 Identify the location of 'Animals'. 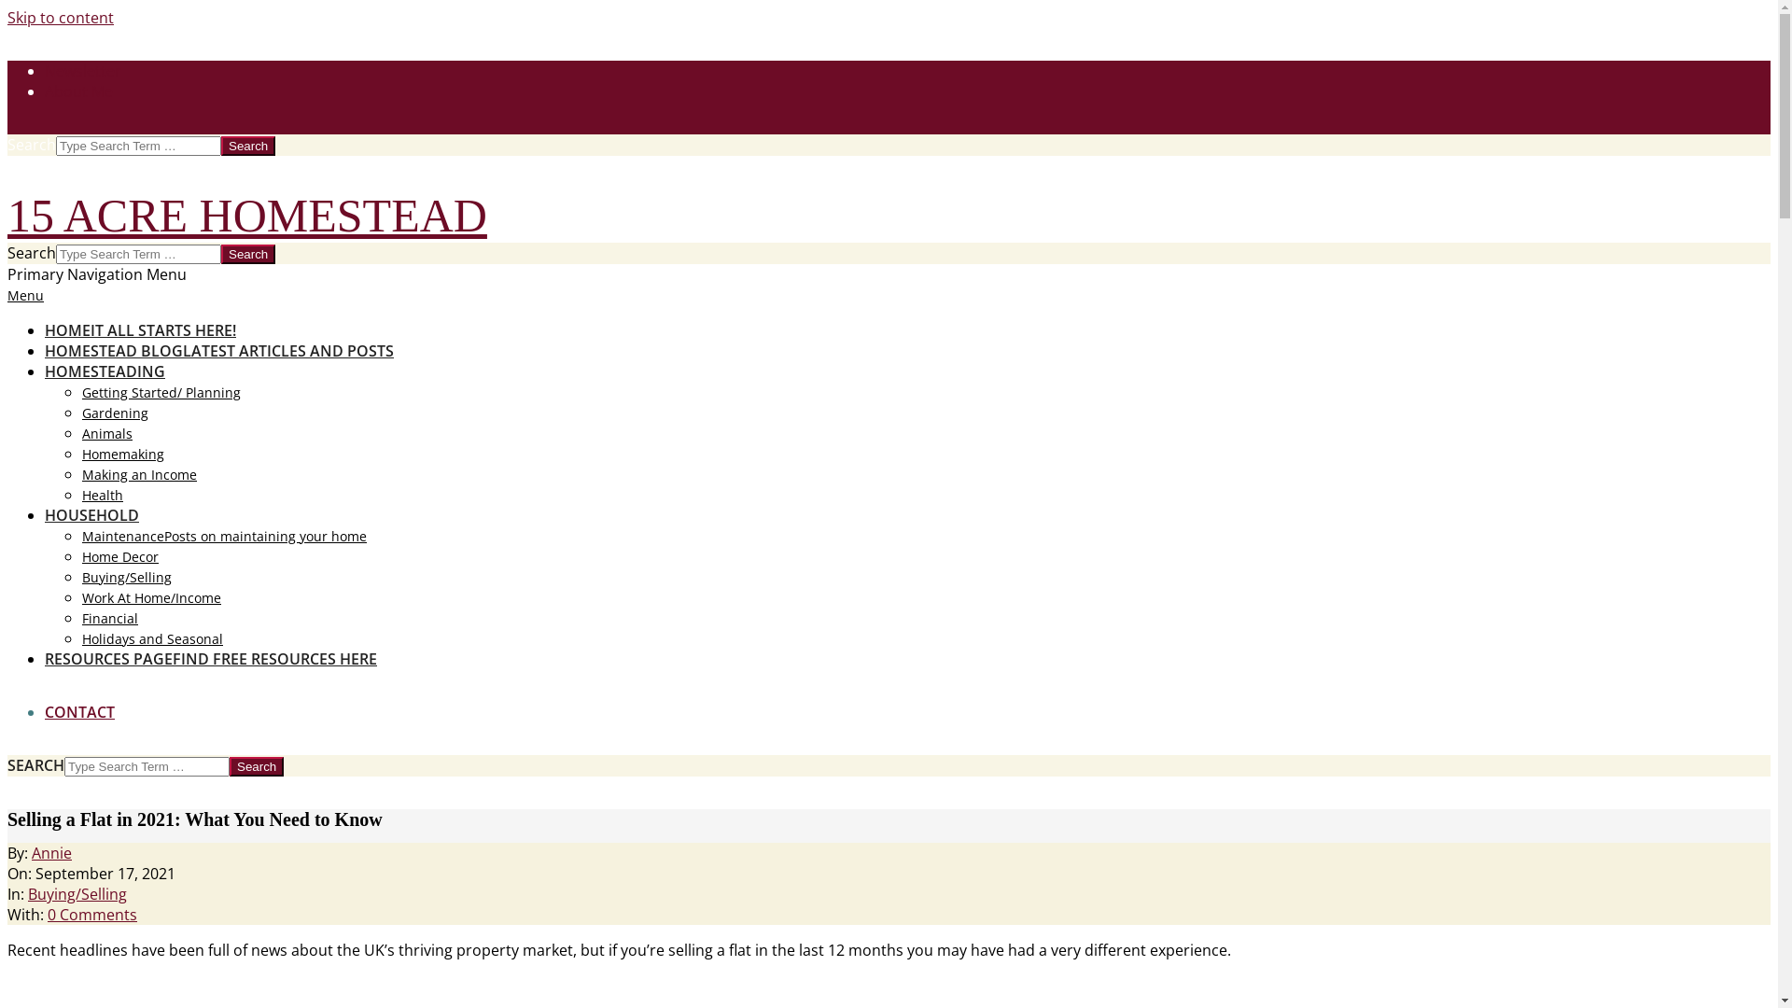
(106, 433).